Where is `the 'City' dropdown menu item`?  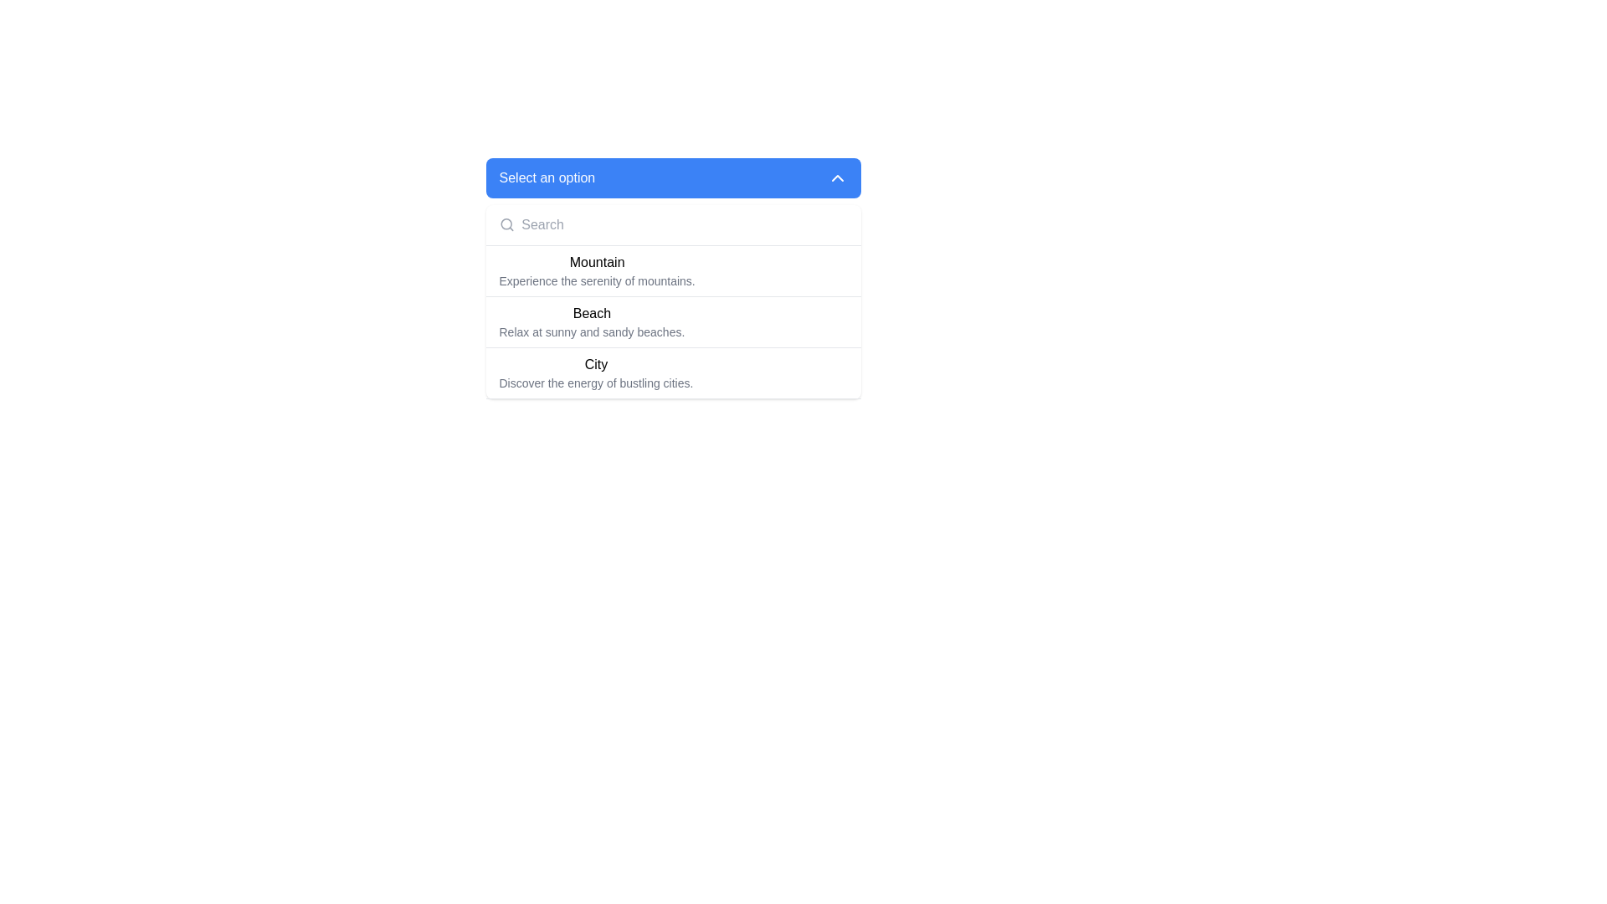
the 'City' dropdown menu item is located at coordinates (596, 372).